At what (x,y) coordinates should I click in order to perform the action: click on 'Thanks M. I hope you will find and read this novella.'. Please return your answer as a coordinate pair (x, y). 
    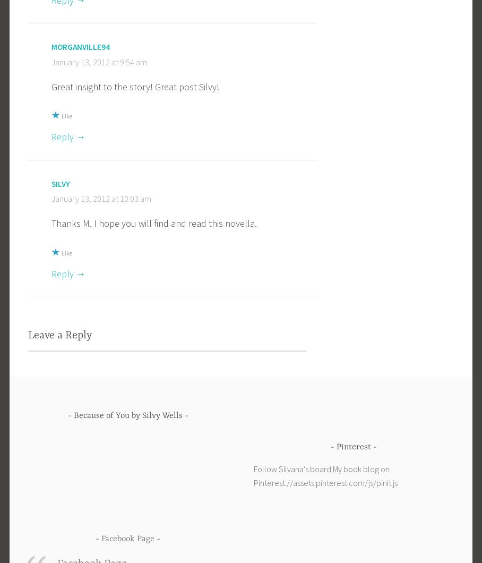
    Looking at the image, I should click on (154, 223).